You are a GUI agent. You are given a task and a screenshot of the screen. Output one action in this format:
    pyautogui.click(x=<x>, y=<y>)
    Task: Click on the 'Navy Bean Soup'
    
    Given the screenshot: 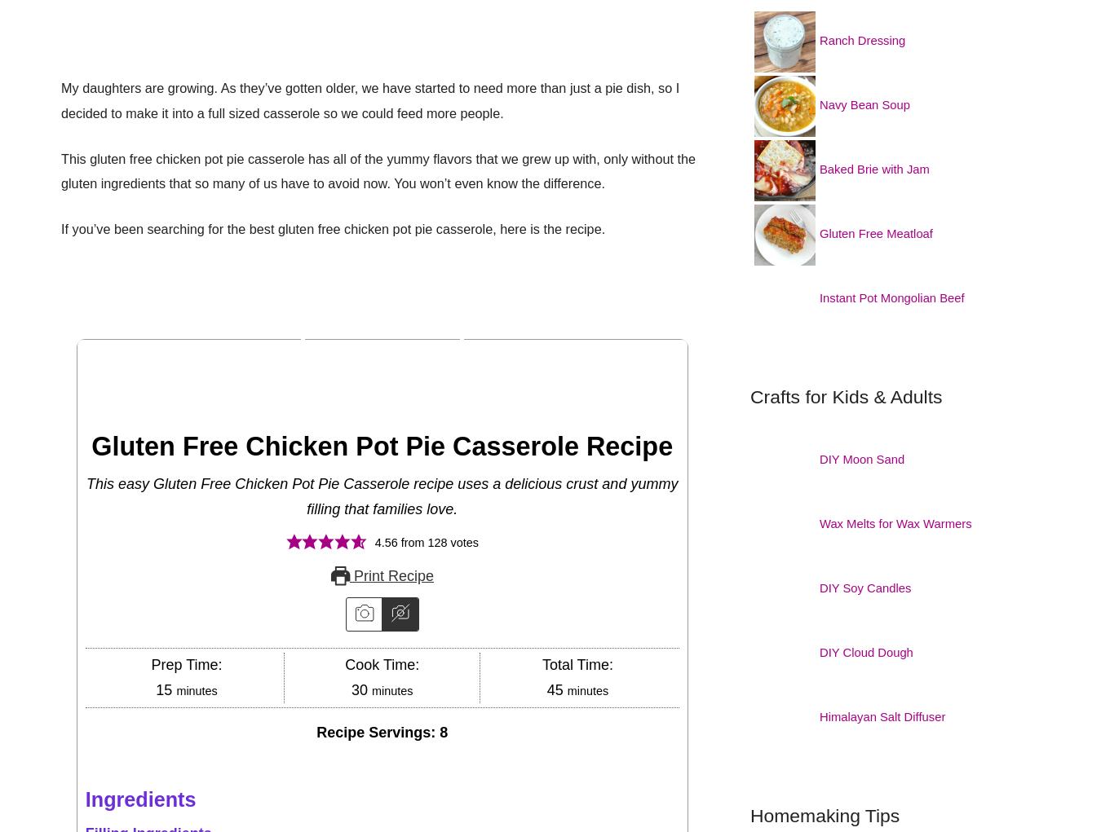 What is the action you would take?
    pyautogui.click(x=869, y=104)
    